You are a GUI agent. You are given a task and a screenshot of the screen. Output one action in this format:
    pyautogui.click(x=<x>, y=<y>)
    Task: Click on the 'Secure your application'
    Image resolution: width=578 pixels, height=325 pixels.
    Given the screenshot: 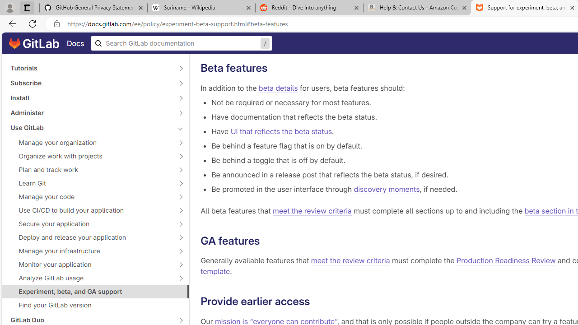 What is the action you would take?
    pyautogui.click(x=90, y=223)
    